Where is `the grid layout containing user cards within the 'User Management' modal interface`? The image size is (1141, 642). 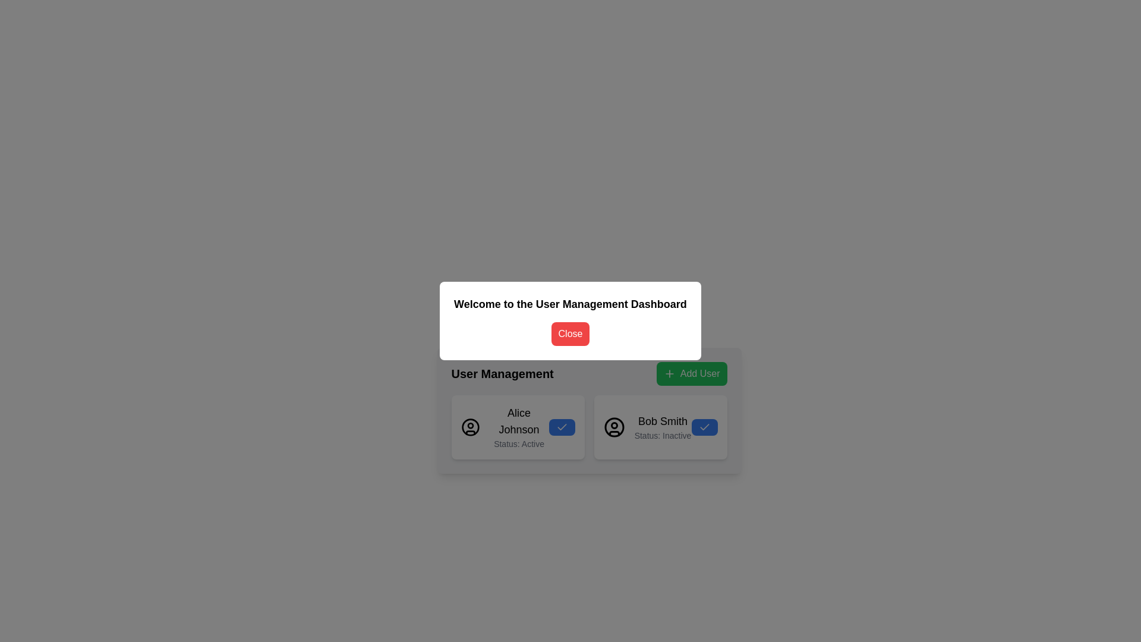 the grid layout containing user cards within the 'User Management' modal interface is located at coordinates (589, 426).